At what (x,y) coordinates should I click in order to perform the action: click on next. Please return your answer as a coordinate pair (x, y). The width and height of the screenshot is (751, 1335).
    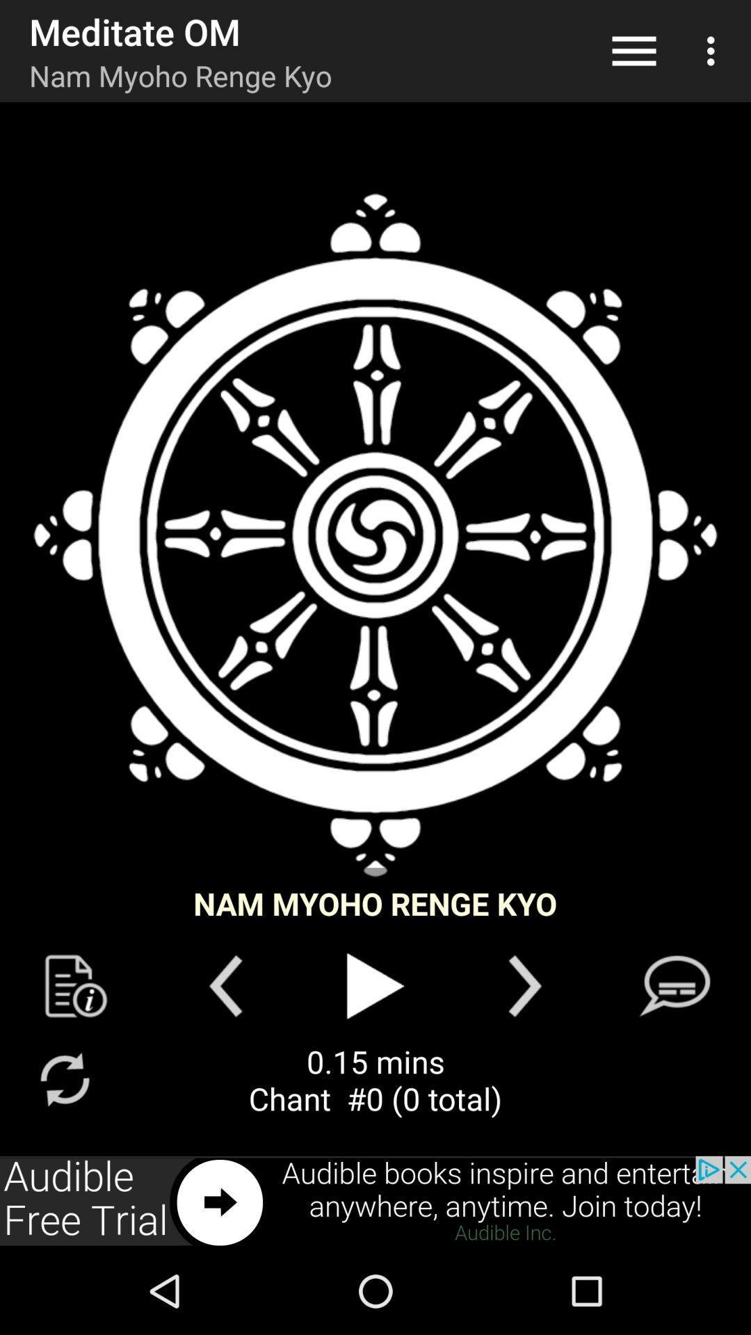
    Looking at the image, I should click on (525, 985).